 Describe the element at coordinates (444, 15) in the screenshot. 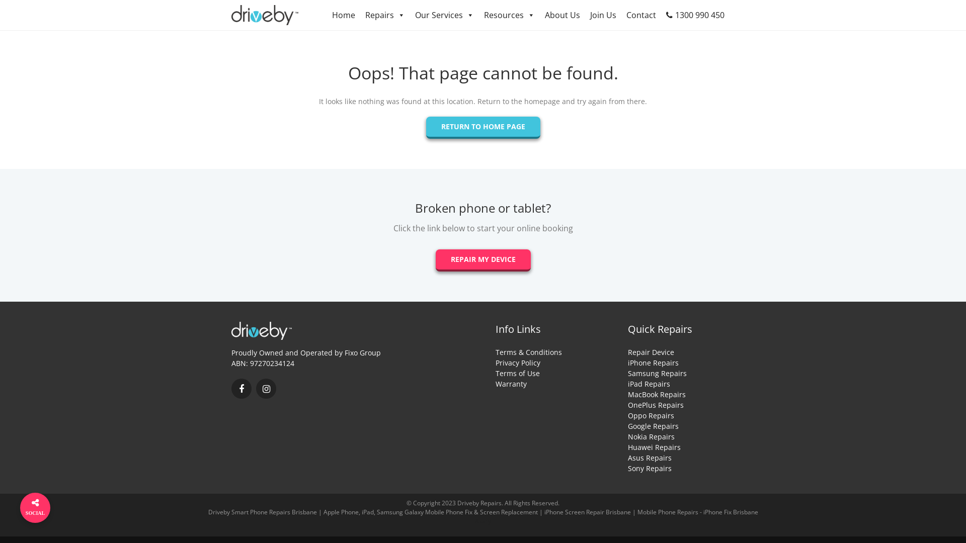

I see `'Our Services'` at that location.